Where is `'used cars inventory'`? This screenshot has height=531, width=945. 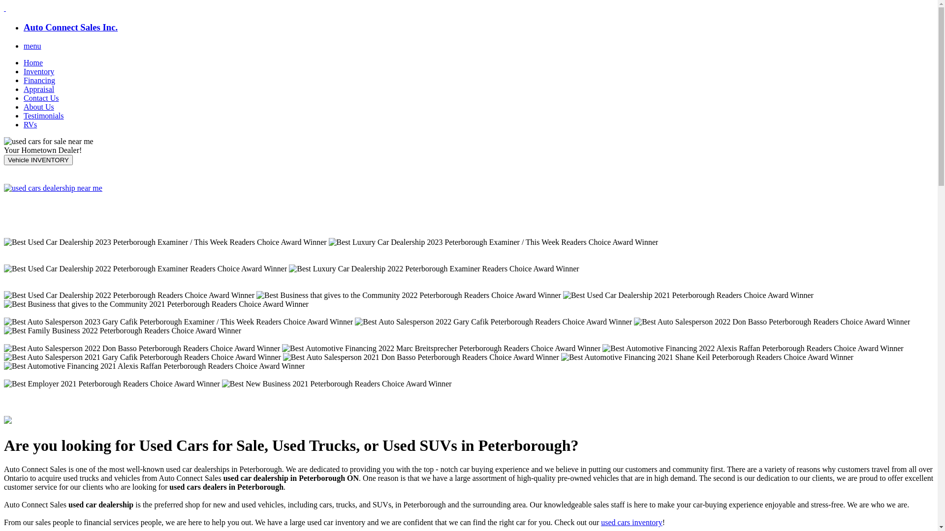 'used cars inventory' is located at coordinates (631, 522).